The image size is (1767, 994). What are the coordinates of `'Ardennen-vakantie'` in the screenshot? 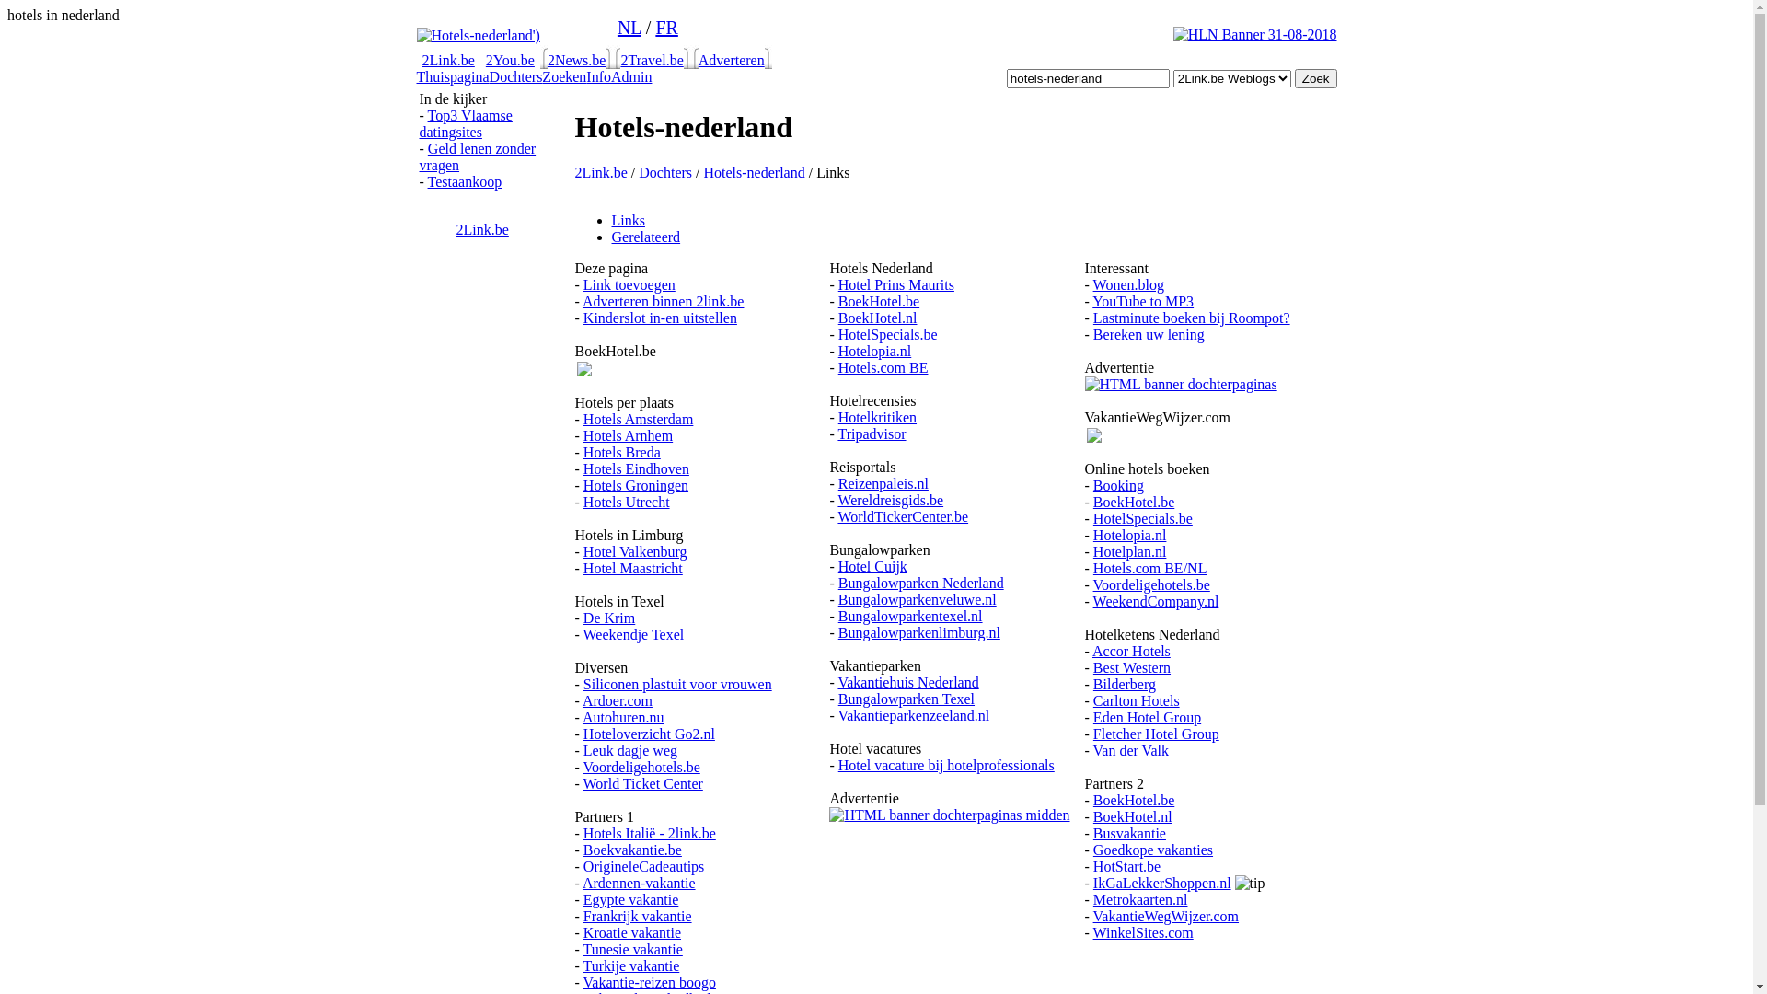 It's located at (639, 882).